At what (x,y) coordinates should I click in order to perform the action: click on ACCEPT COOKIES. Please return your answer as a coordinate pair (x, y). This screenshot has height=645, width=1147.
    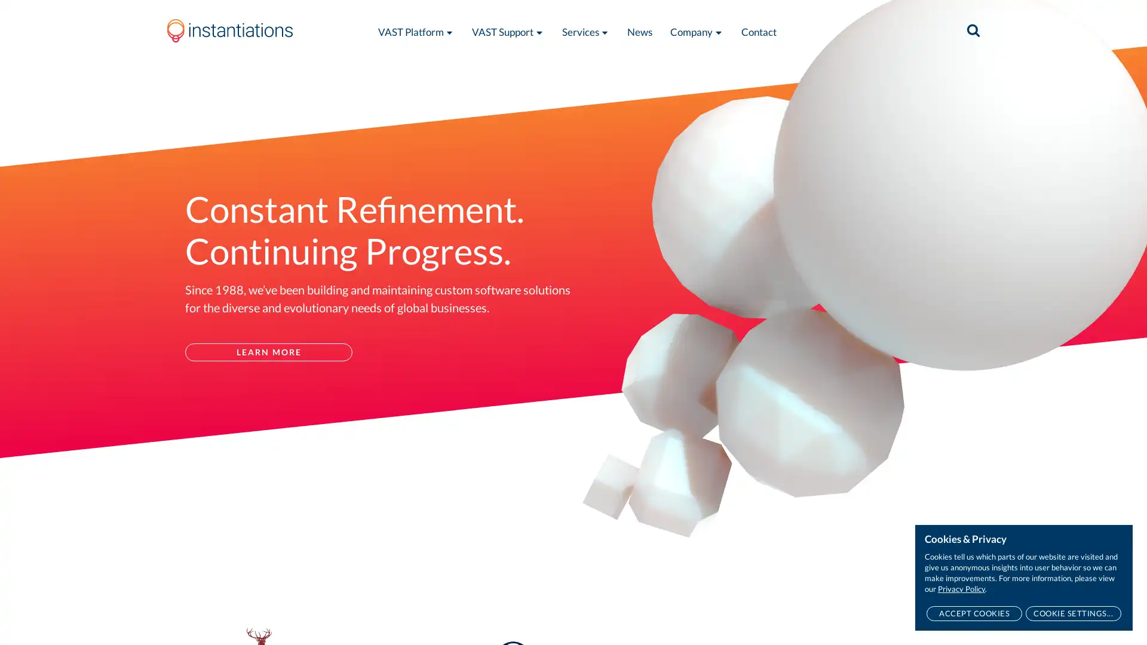
    Looking at the image, I should click on (974, 613).